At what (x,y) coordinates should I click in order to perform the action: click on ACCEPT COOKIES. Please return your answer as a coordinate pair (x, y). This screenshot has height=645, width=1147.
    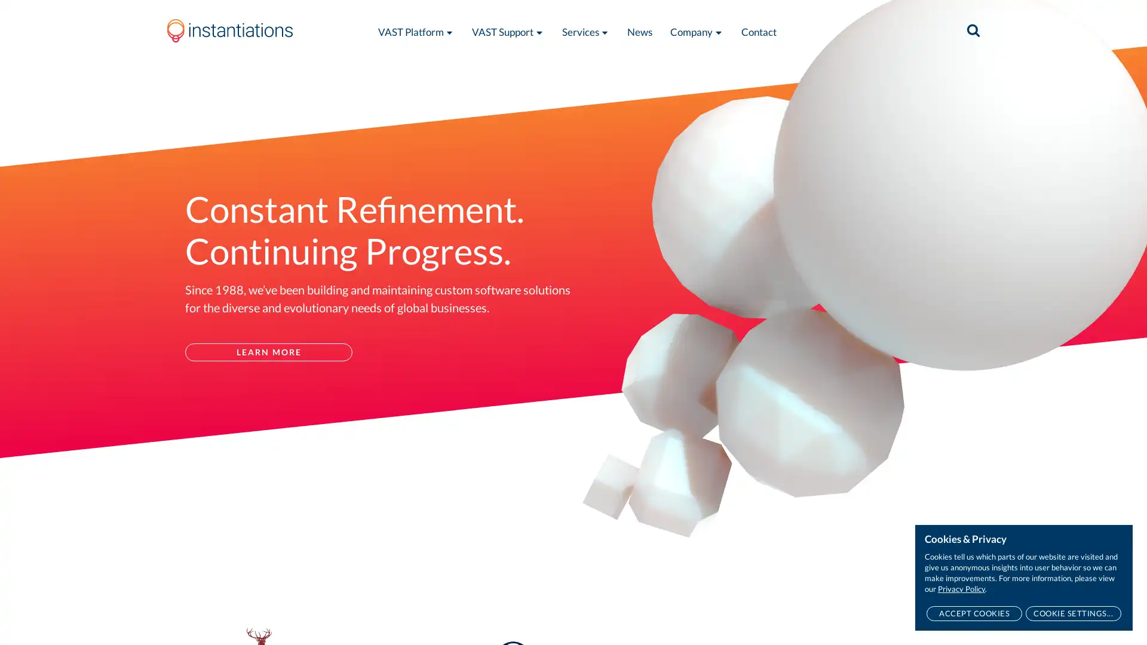
    Looking at the image, I should click on (974, 613).